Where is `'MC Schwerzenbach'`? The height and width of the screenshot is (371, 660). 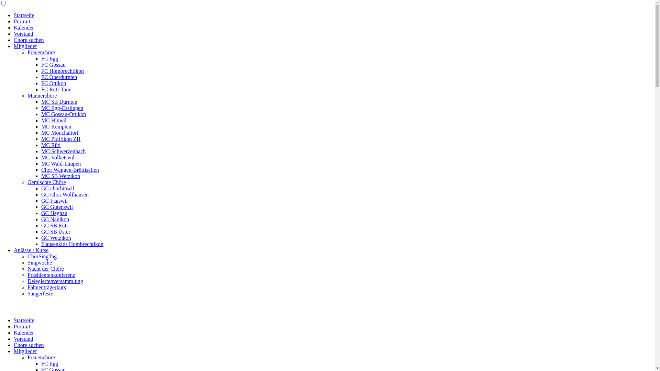
'MC Schwerzenbach' is located at coordinates (41, 151).